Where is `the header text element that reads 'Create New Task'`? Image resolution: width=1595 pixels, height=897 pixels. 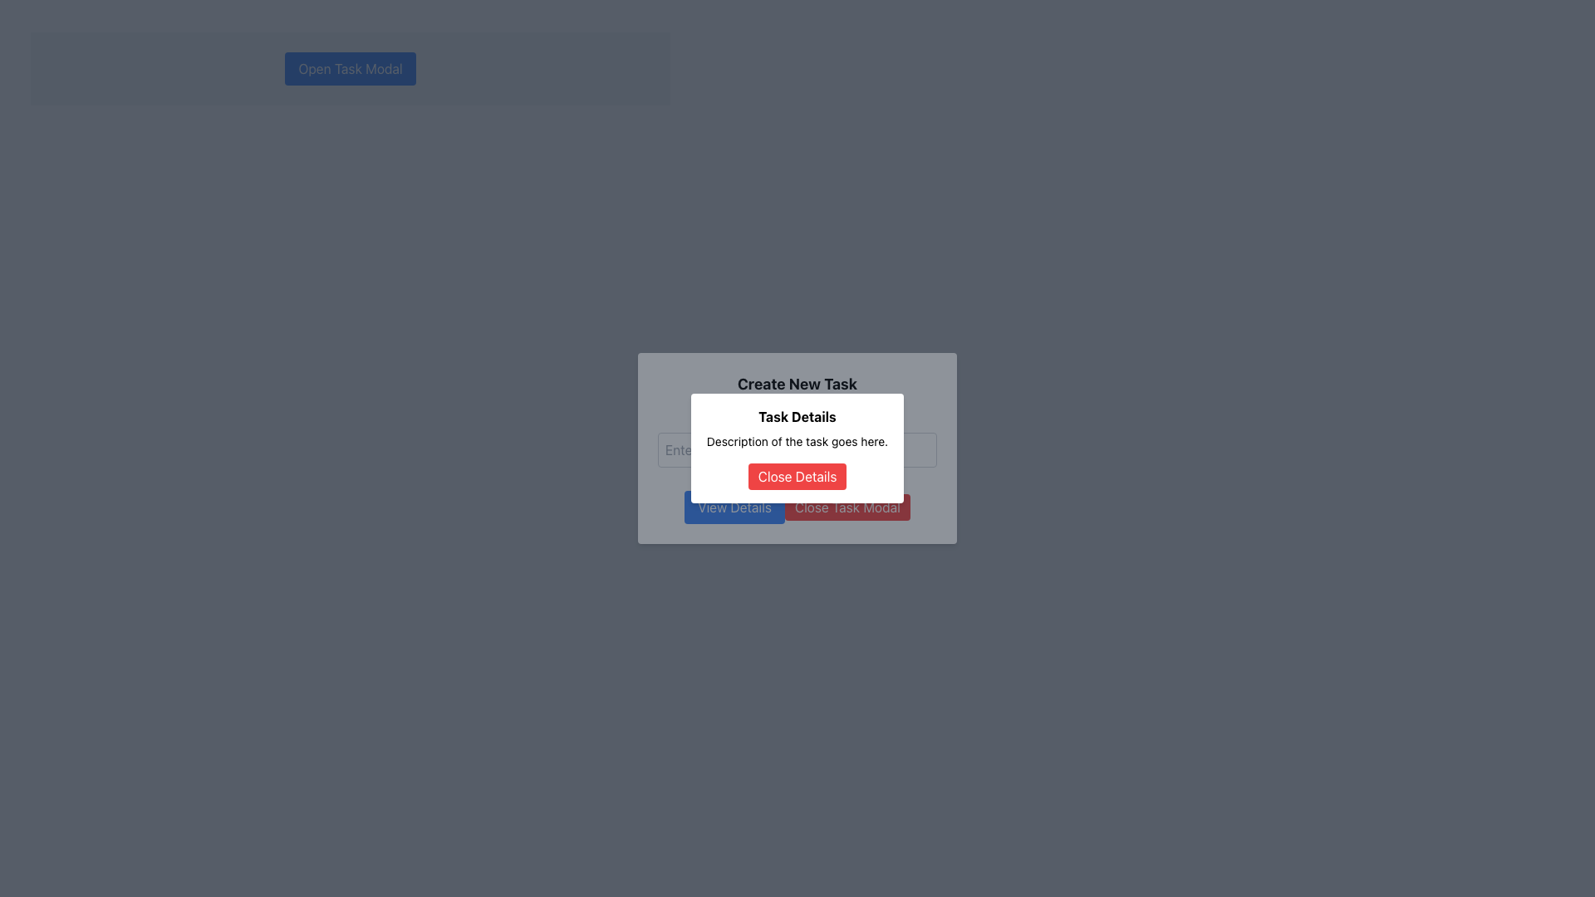 the header text element that reads 'Create New Task' is located at coordinates (797, 384).